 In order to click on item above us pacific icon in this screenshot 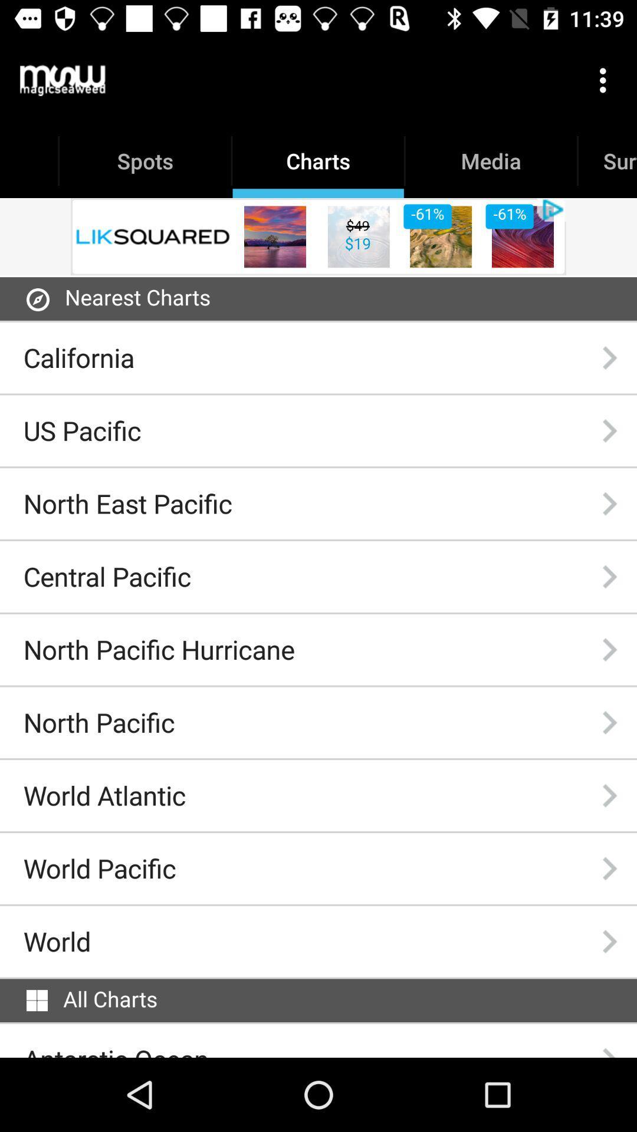, I will do `click(78, 357)`.